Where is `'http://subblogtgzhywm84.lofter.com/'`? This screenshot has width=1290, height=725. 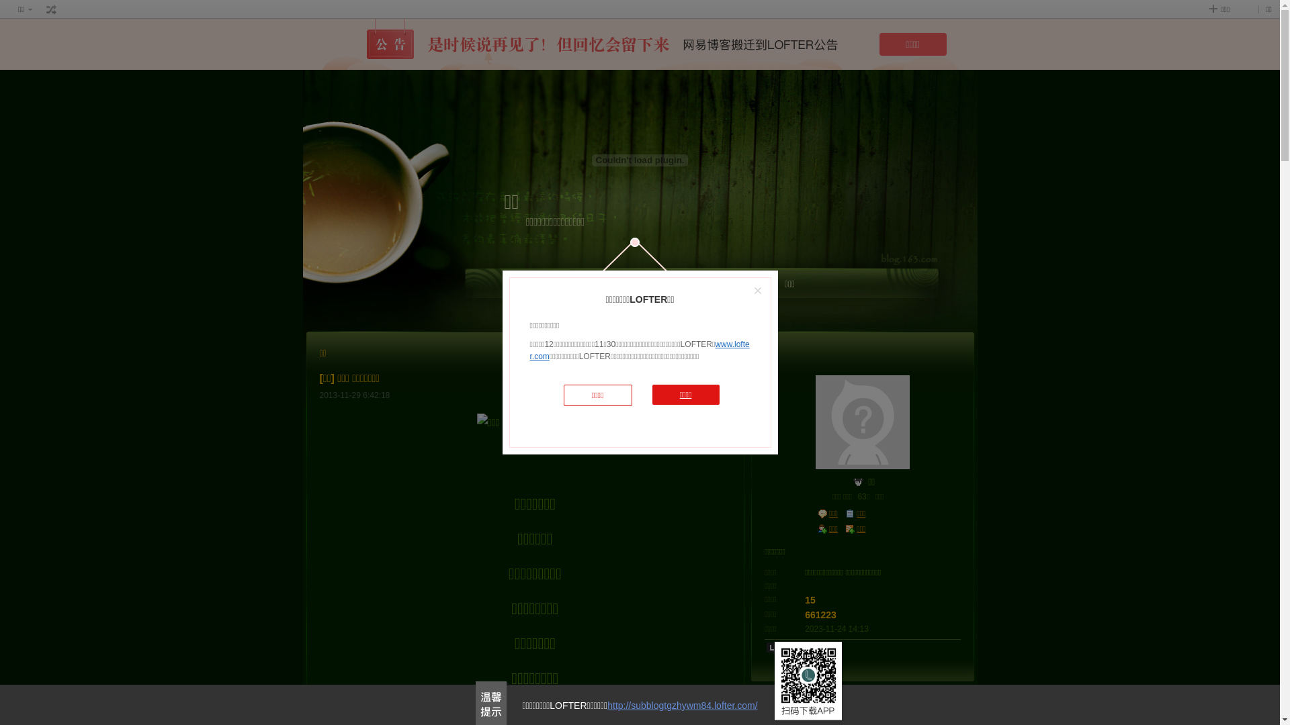
'http://subblogtgzhywm84.lofter.com/' is located at coordinates (682, 704).